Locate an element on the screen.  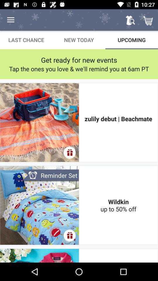
the icon below the tap the ones item is located at coordinates (118, 122).